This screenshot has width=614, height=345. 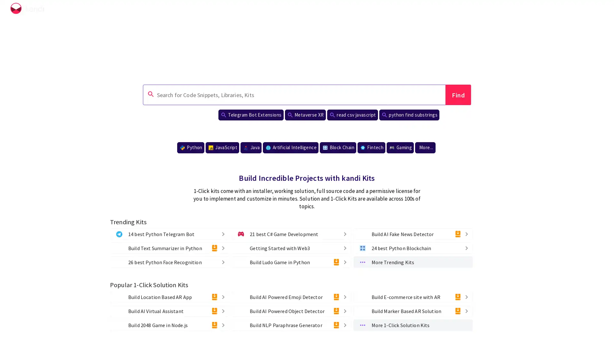 What do you see at coordinates (291, 310) in the screenshot?
I see `object-detection-kit Build AI Powered Object Detector` at bounding box center [291, 310].